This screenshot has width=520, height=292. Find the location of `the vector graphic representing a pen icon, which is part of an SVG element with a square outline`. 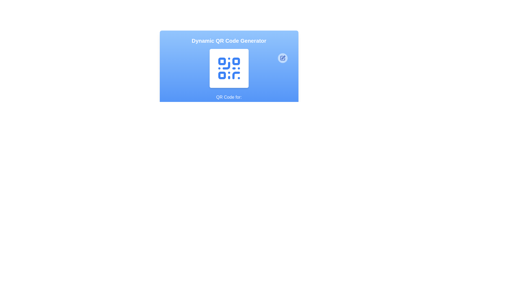

the vector graphic representing a pen icon, which is part of an SVG element with a square outline is located at coordinates (283, 57).